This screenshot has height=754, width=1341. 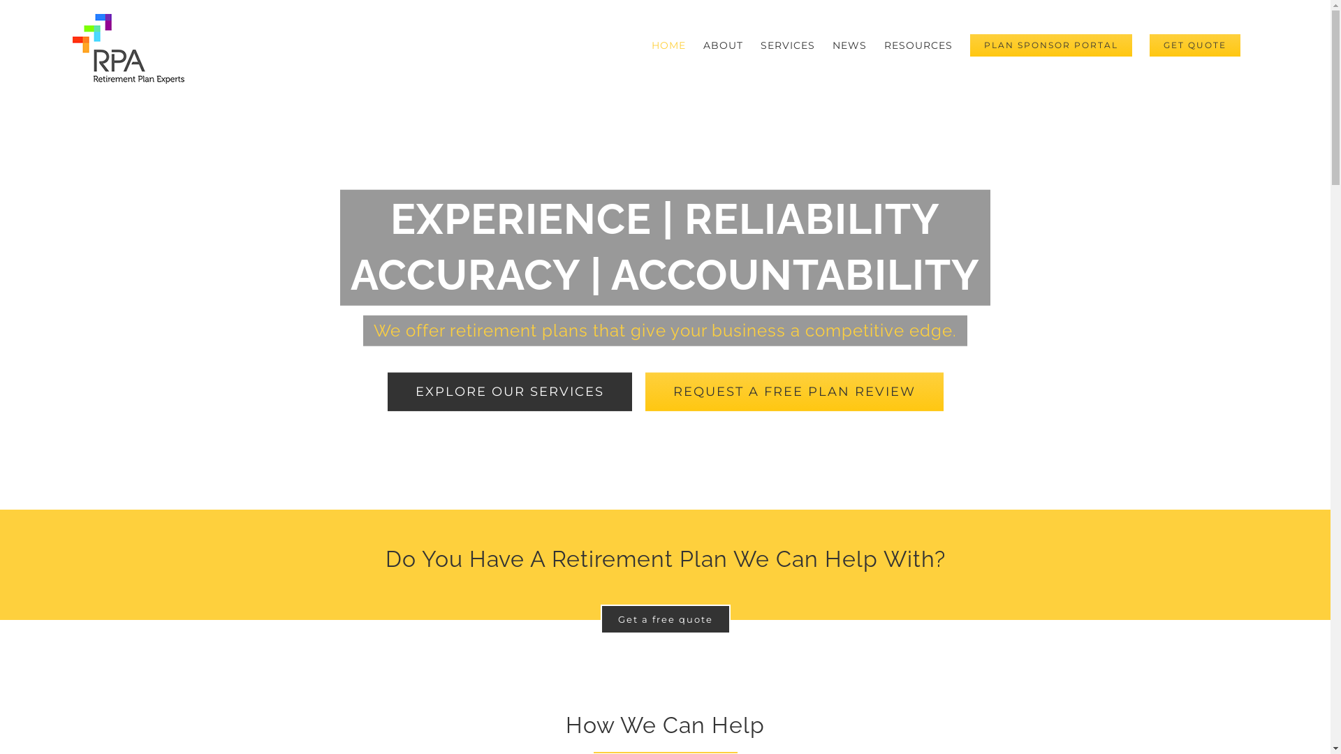 What do you see at coordinates (849, 45) in the screenshot?
I see `'NEWS'` at bounding box center [849, 45].